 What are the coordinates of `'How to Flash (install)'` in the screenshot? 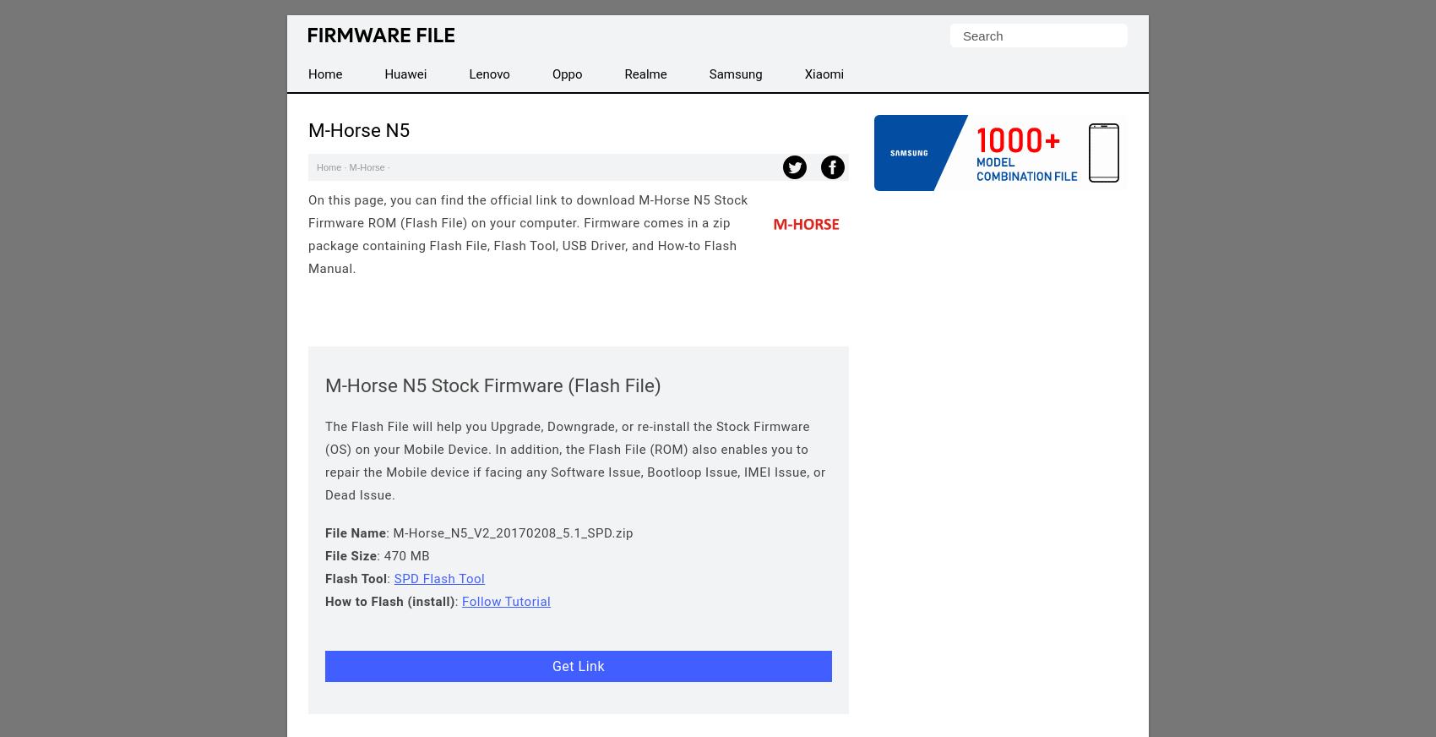 It's located at (324, 600).